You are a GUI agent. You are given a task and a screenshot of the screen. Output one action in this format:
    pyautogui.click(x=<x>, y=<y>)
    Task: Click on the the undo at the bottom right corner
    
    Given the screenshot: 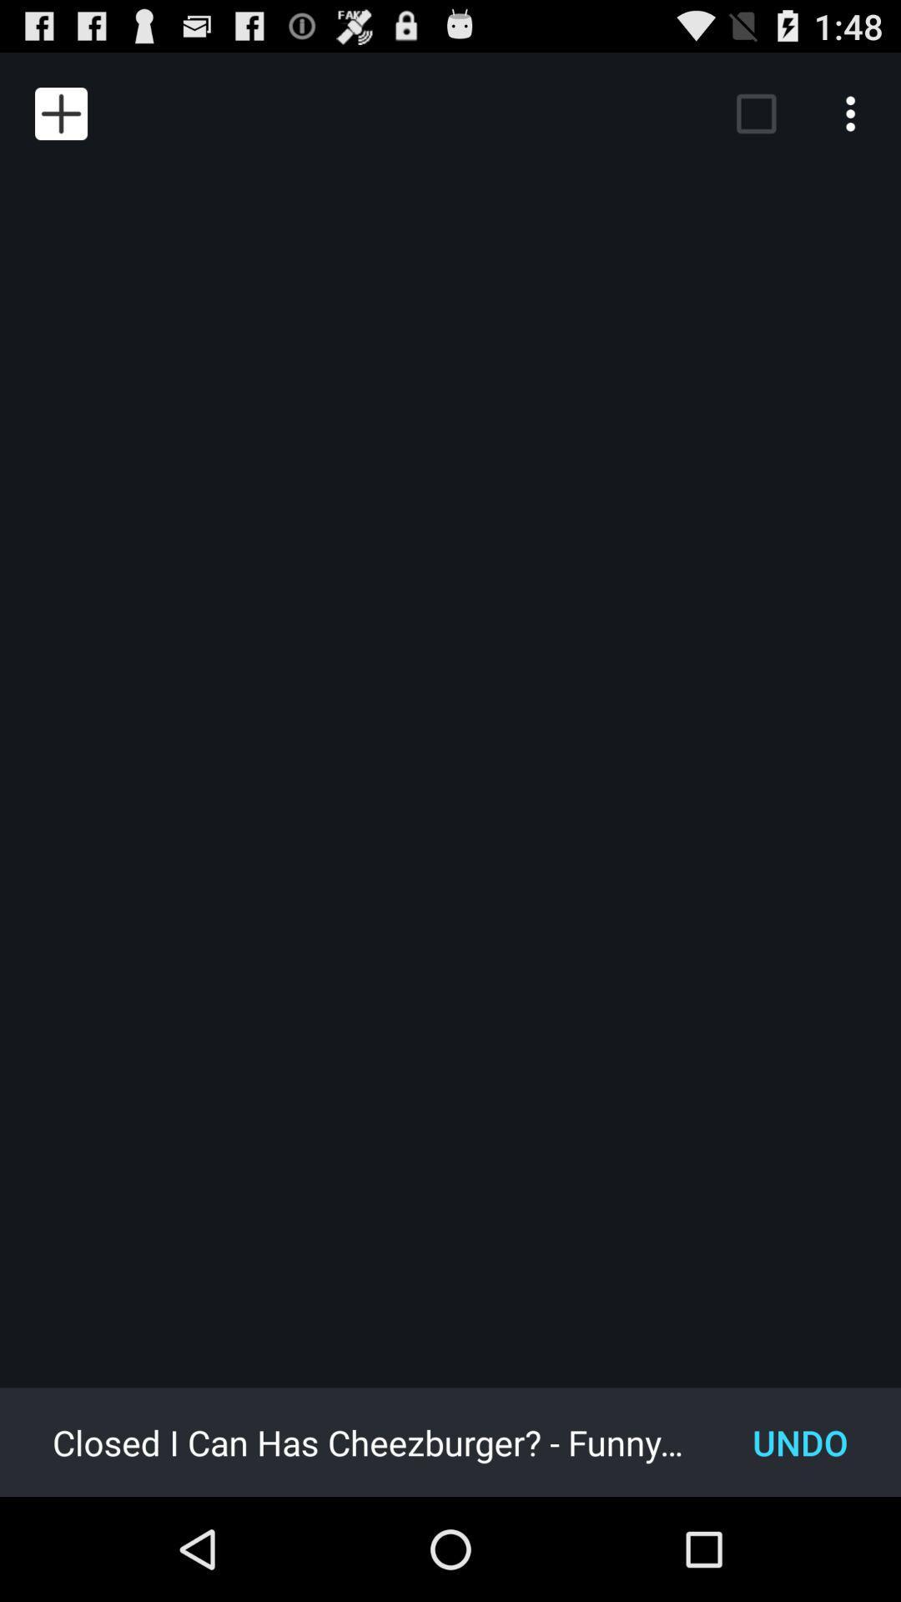 What is the action you would take?
    pyautogui.click(x=799, y=1441)
    